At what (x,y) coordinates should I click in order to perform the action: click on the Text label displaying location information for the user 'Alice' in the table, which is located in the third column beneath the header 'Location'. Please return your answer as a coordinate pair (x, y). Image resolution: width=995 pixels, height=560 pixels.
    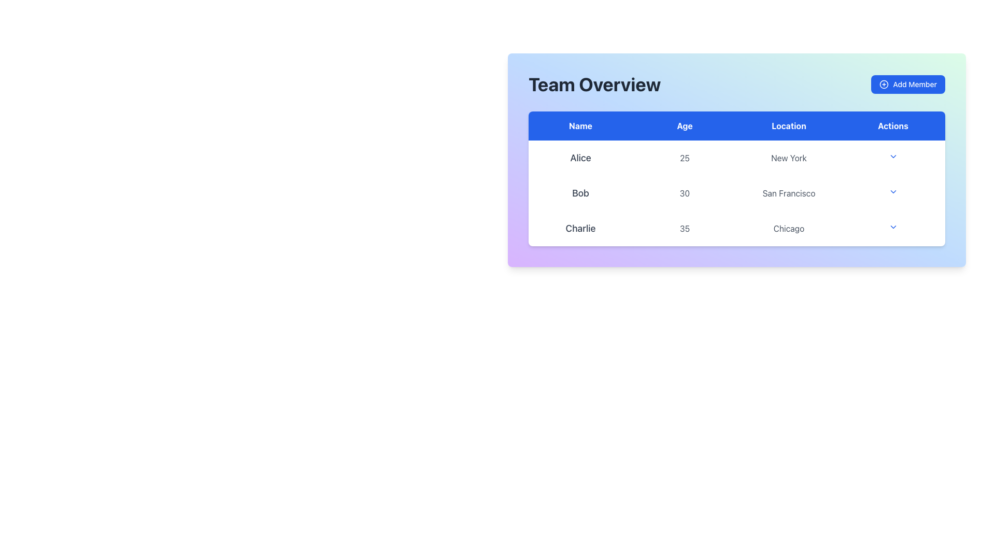
    Looking at the image, I should click on (788, 158).